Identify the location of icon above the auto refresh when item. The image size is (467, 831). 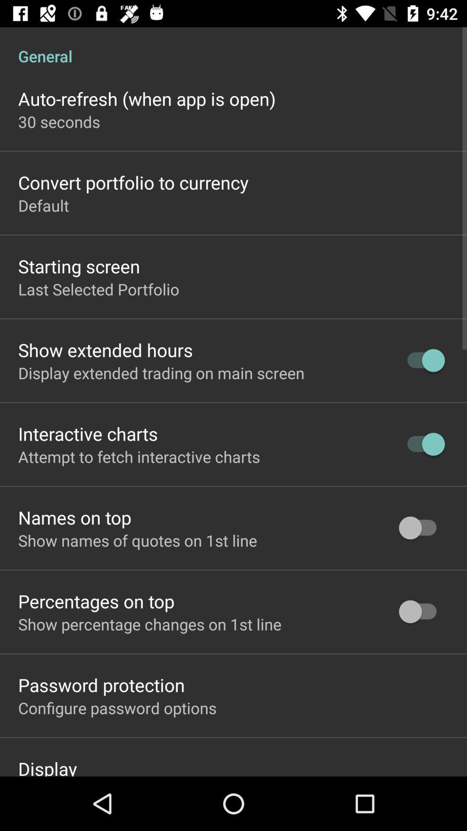
(233, 46).